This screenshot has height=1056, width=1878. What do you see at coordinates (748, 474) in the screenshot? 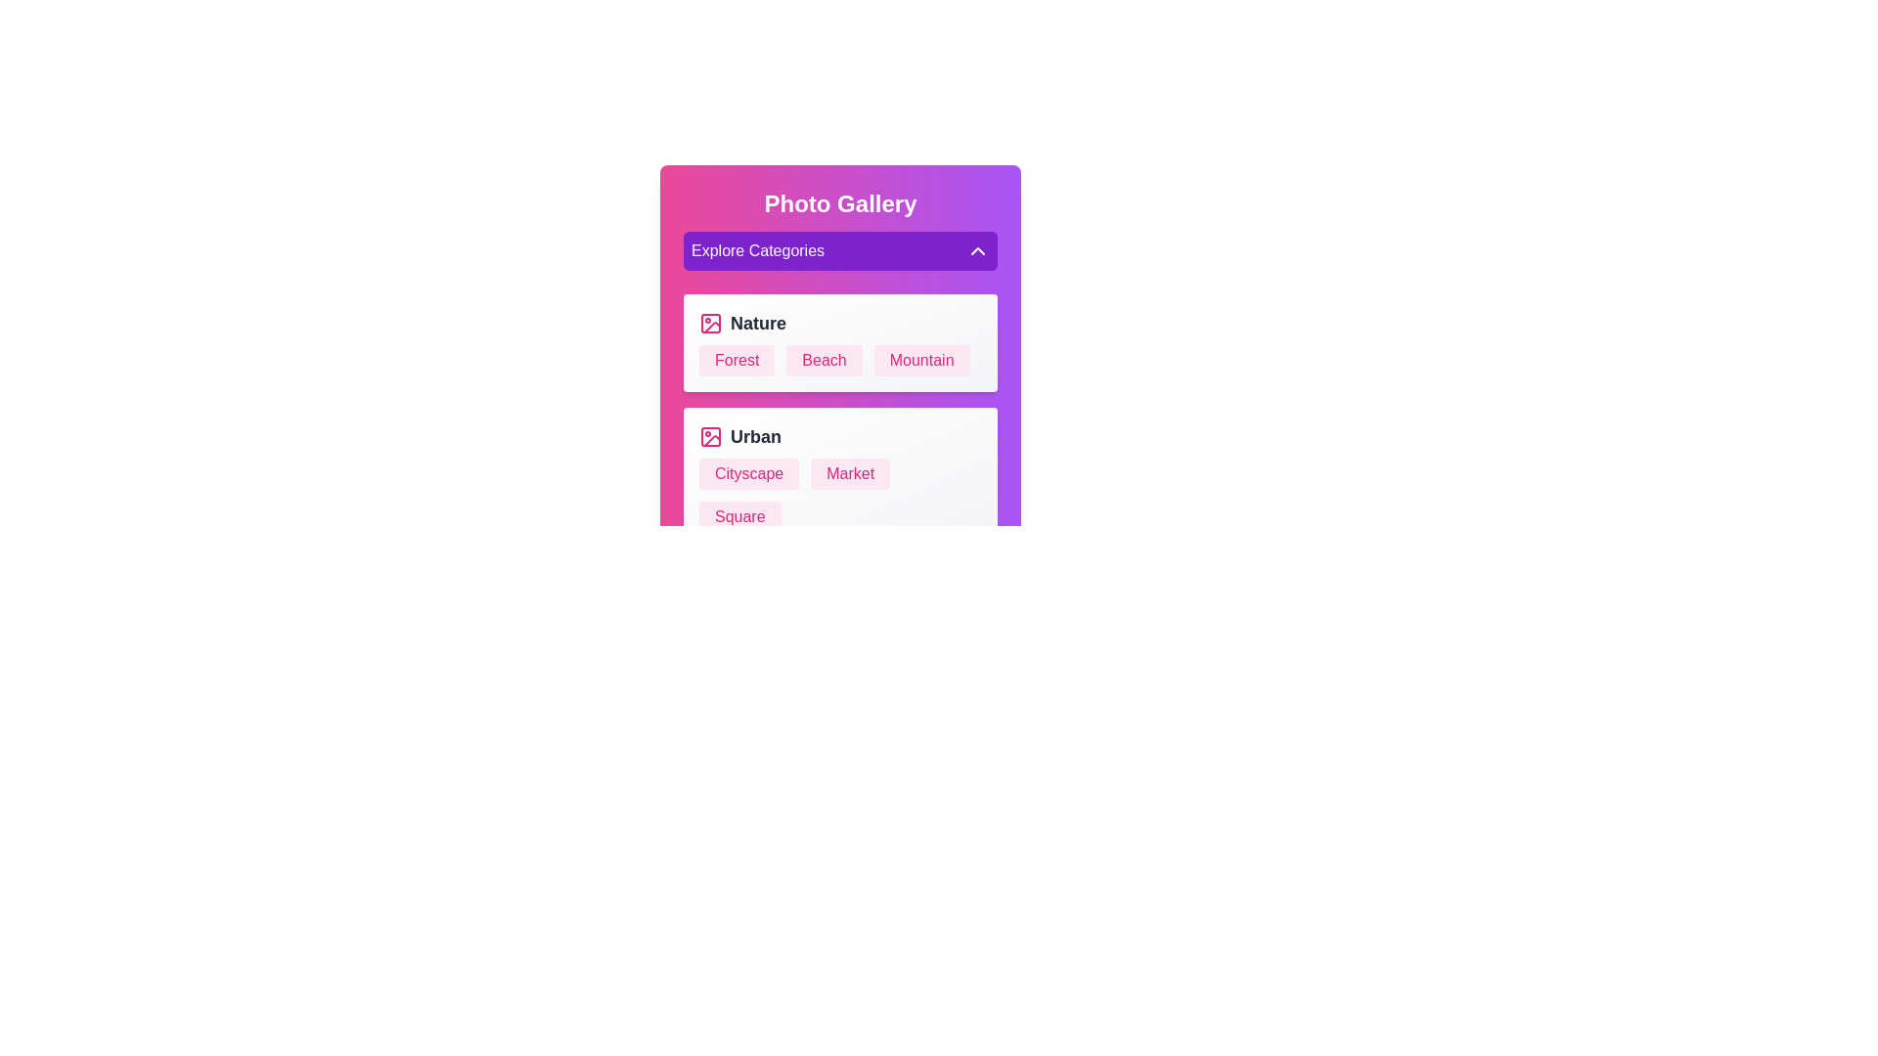
I see `the text element labeled 'Cityscape' to select it` at bounding box center [748, 474].